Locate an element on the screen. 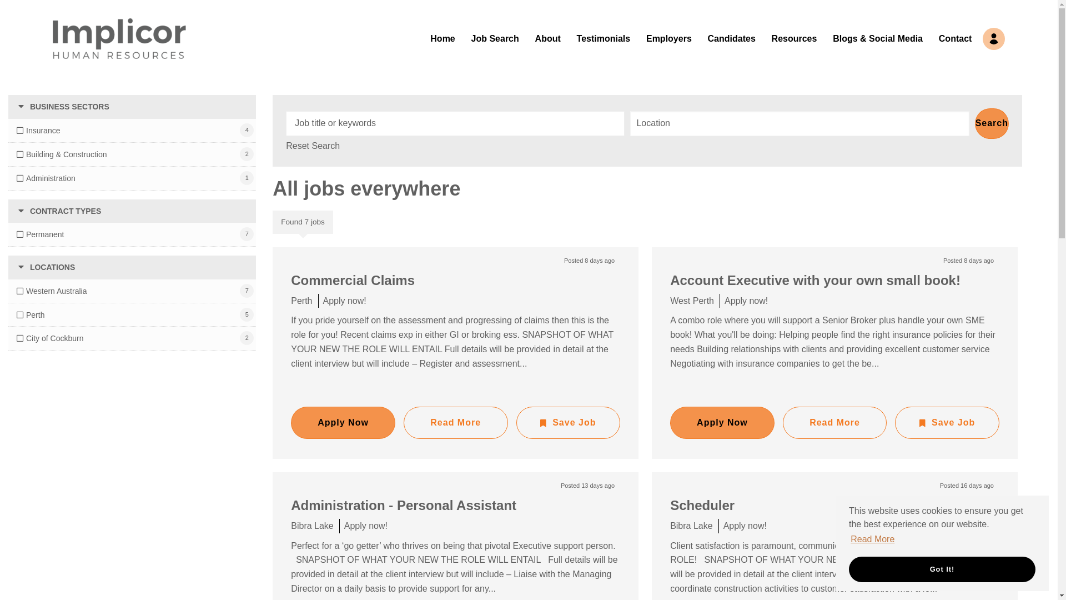  'City of Cockburn is located at coordinates (49, 338).